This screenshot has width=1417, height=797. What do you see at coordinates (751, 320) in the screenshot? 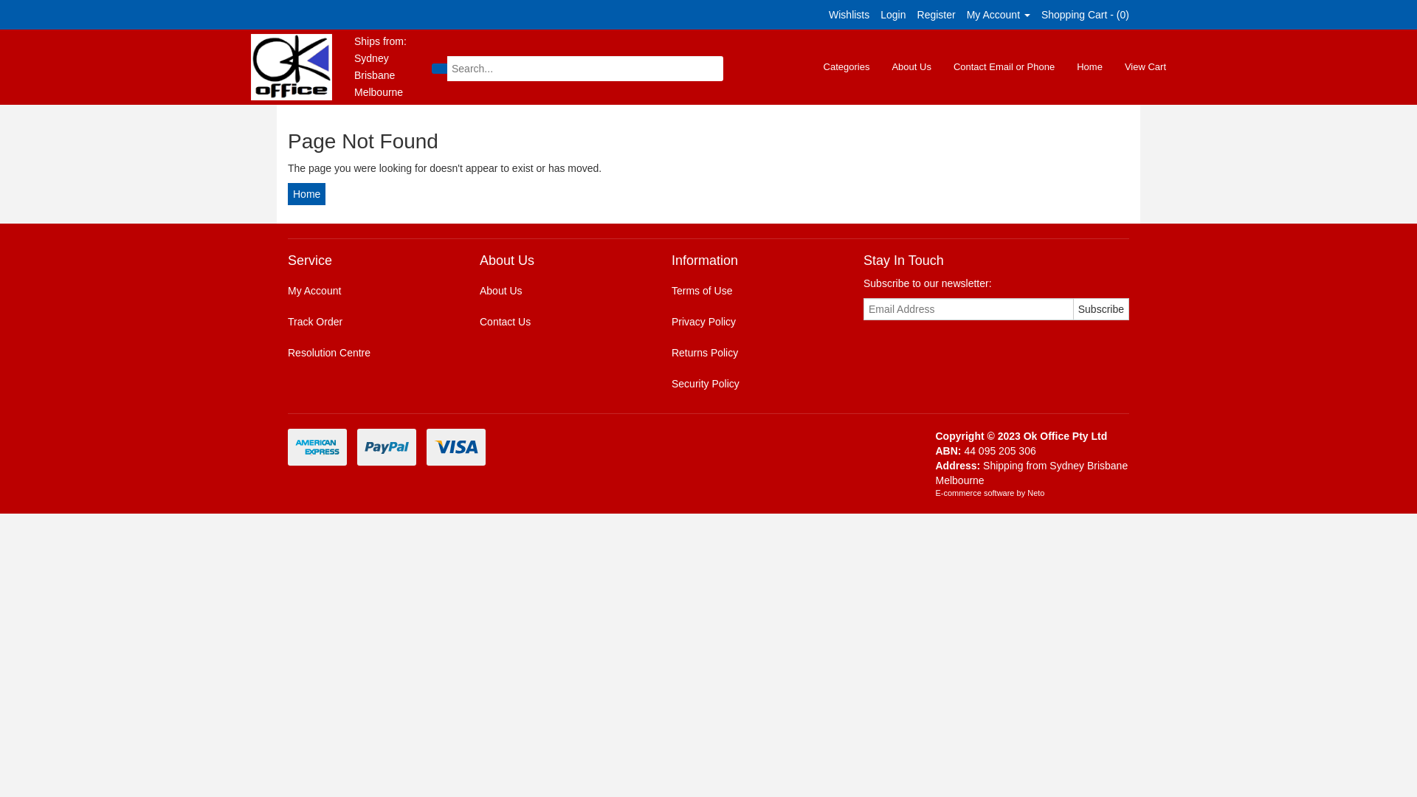
I see `'Privacy Policy'` at bounding box center [751, 320].